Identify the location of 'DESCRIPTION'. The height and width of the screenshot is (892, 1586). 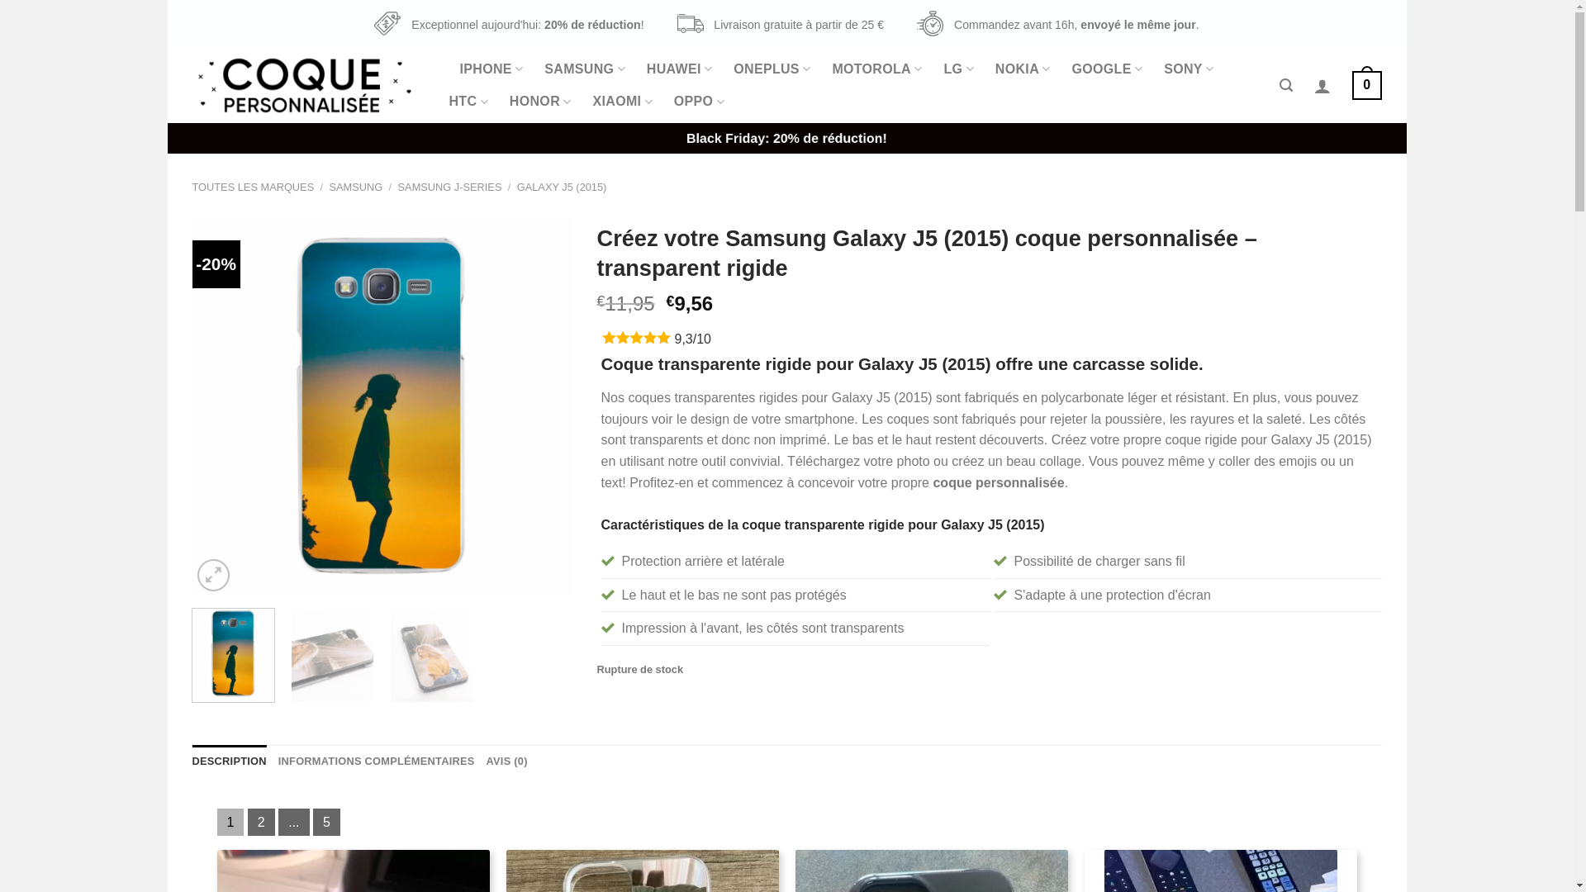
(228, 761).